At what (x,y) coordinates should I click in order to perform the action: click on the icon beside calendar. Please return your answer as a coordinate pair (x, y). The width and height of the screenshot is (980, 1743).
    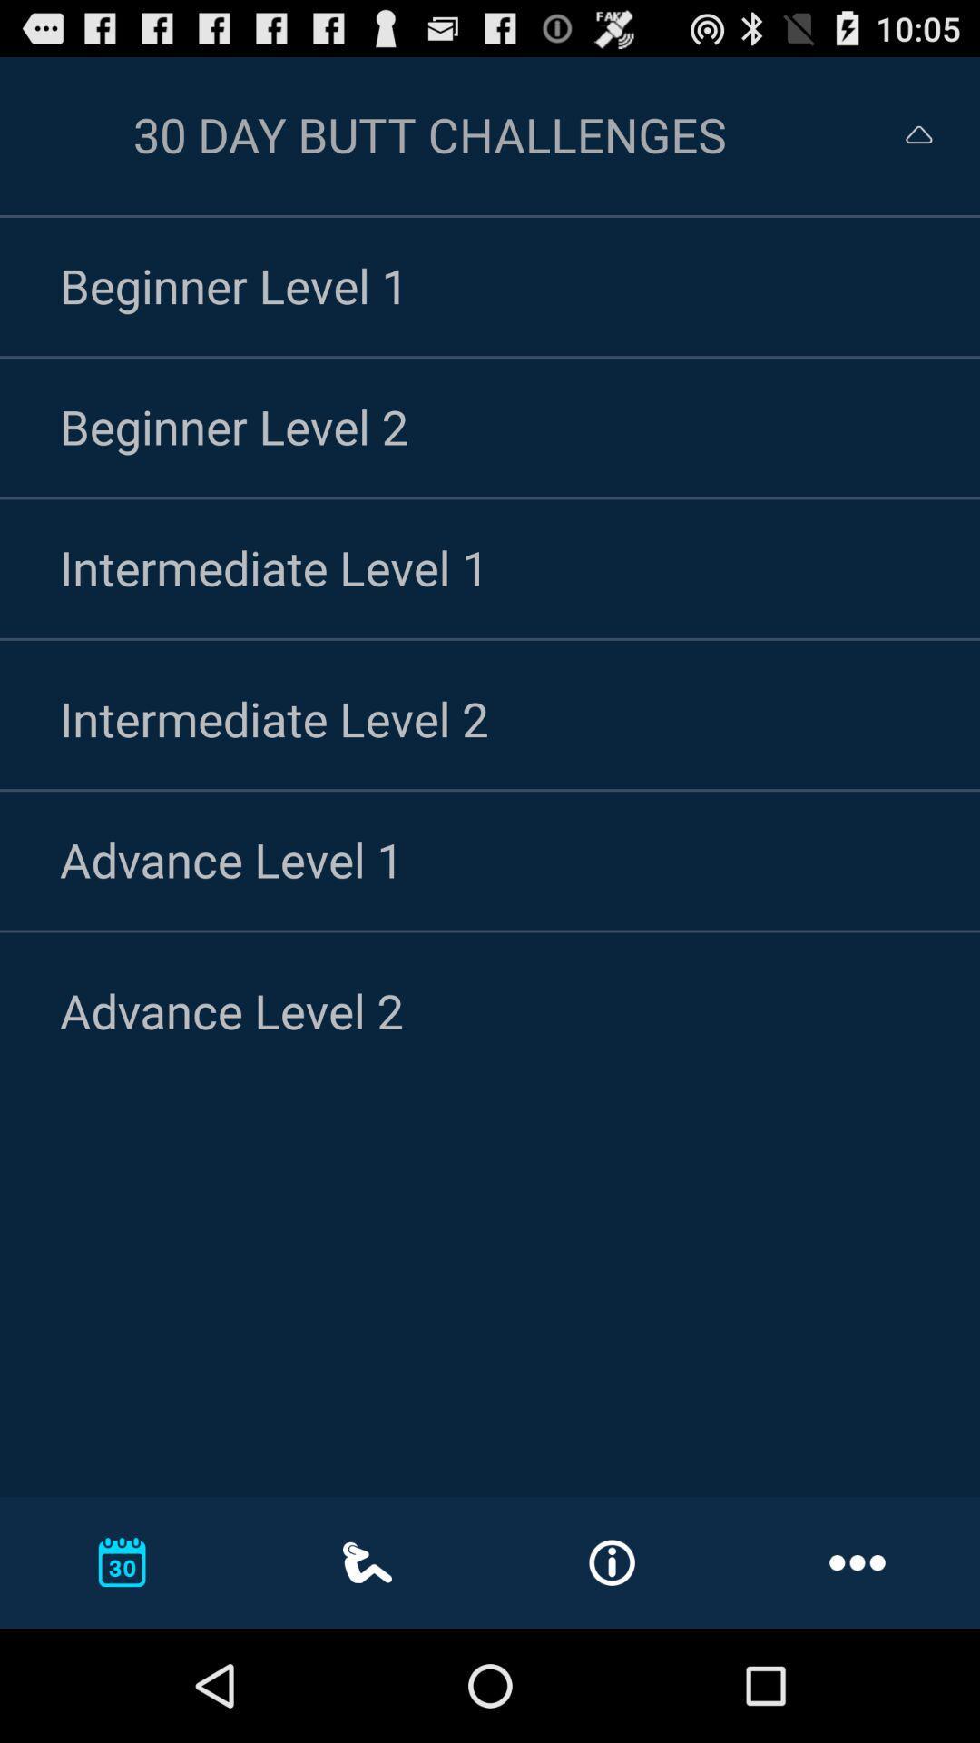
    Looking at the image, I should click on (367, 1561).